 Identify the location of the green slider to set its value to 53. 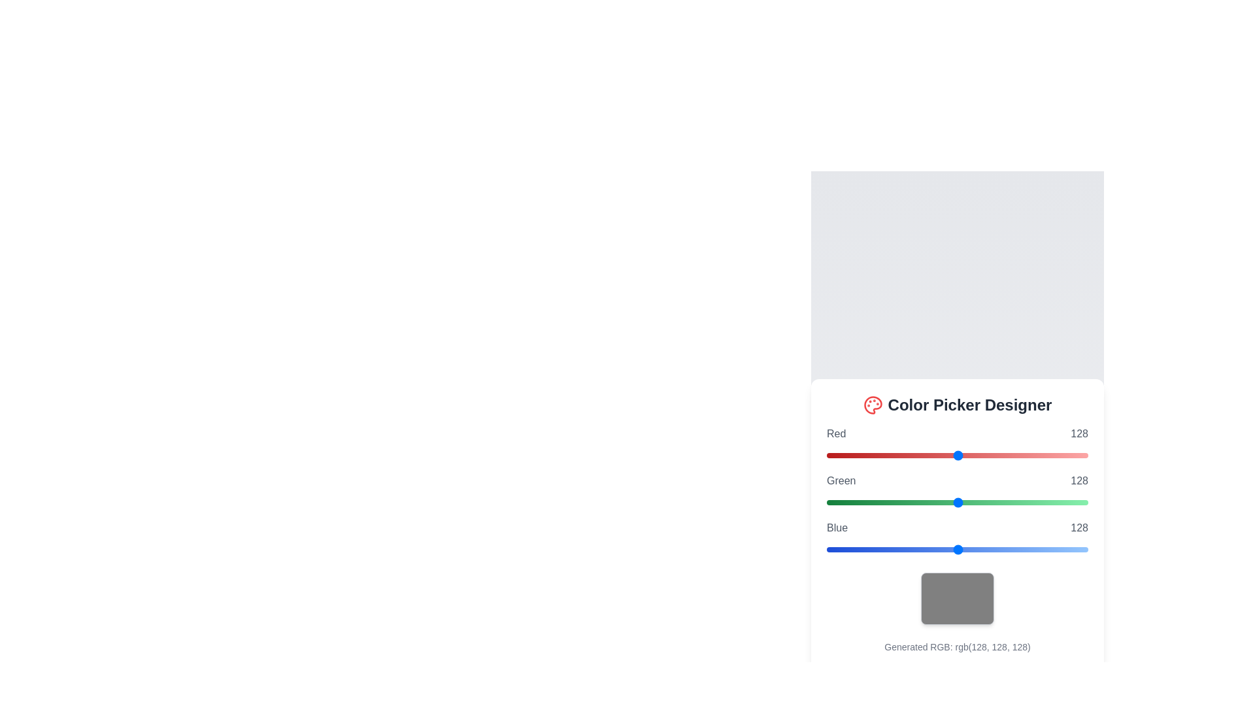
(881, 501).